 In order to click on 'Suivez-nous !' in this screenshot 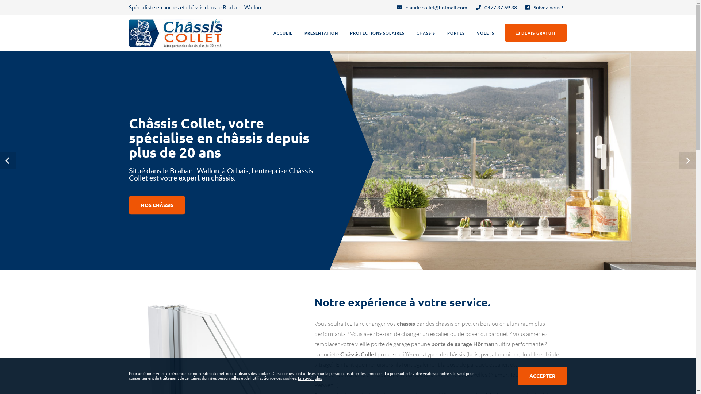, I will do `click(521, 7)`.